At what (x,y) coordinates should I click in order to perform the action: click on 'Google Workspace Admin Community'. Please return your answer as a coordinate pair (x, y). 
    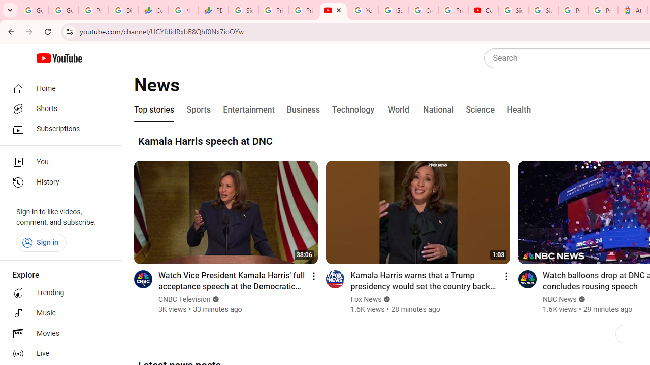
    Looking at the image, I should click on (34, 10).